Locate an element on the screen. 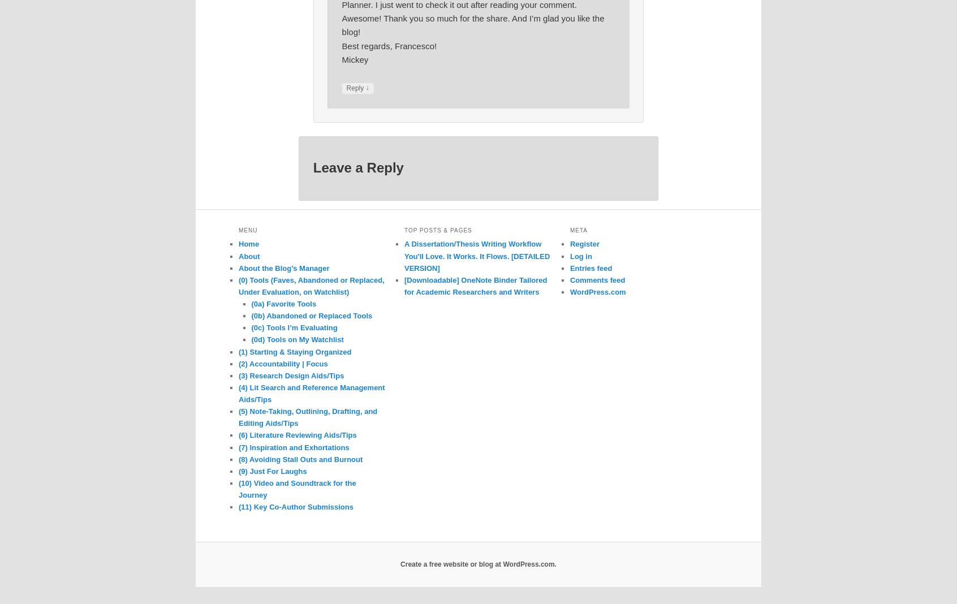 This screenshot has width=957, height=604. 'Reply' is located at coordinates (355, 87).